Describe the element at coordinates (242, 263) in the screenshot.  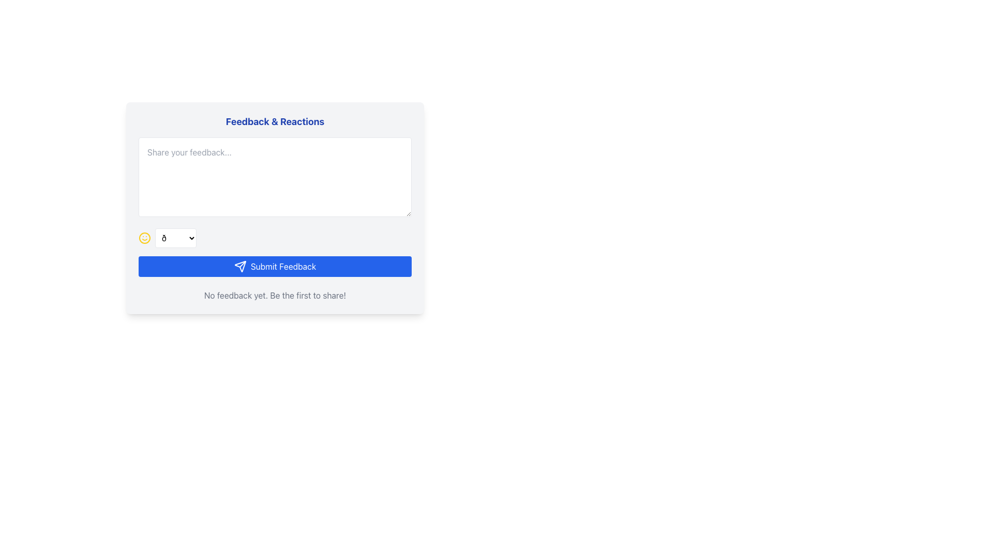
I see `the diagonal line segment of the vector graphic that is part of the 'send' motif within the SVG icon next to the 'Submit Feedback' button` at that location.